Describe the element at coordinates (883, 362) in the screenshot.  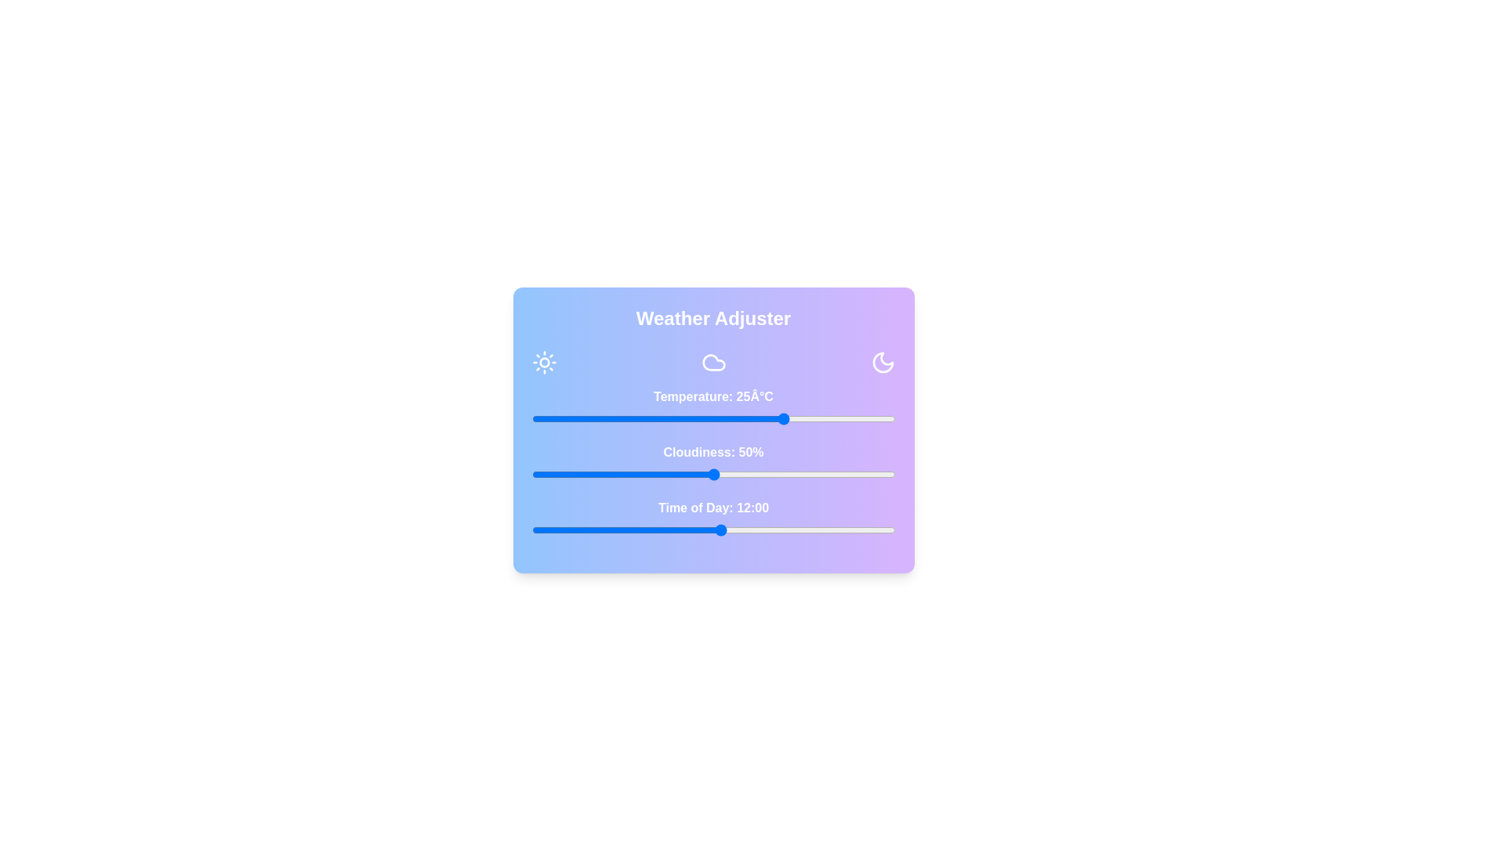
I see `the nighttime or moonlight icon located in the top-right corner of the main card, right next to the 'Weather Adjuster' title` at that location.